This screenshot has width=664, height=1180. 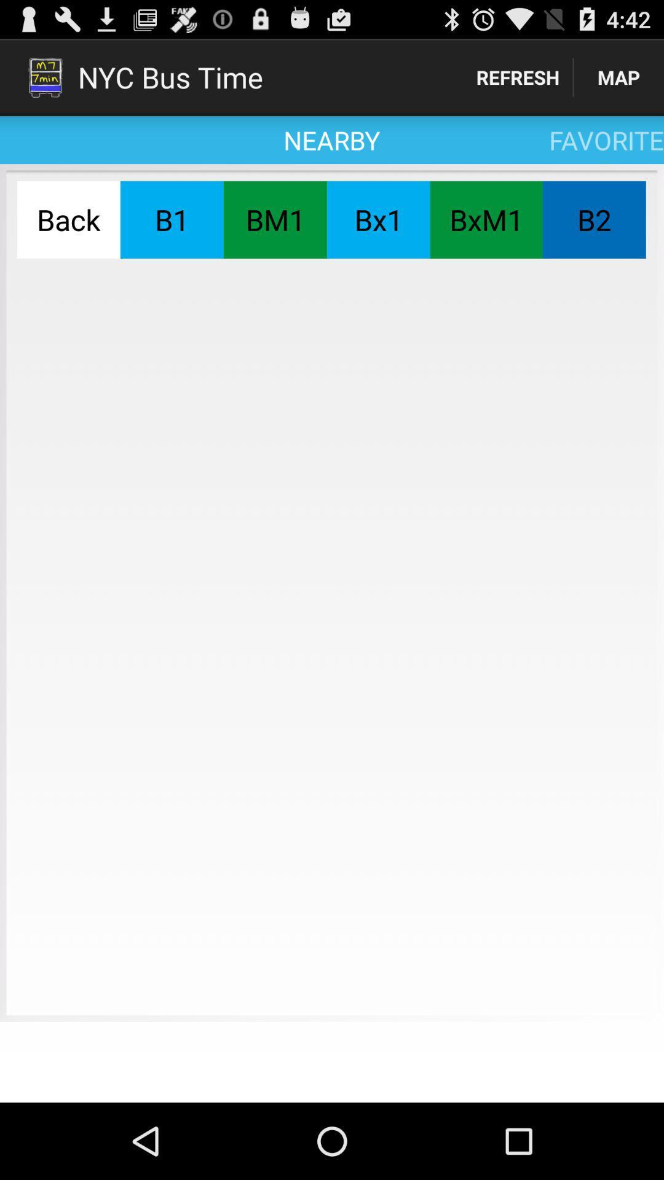 I want to click on the b1, so click(x=172, y=219).